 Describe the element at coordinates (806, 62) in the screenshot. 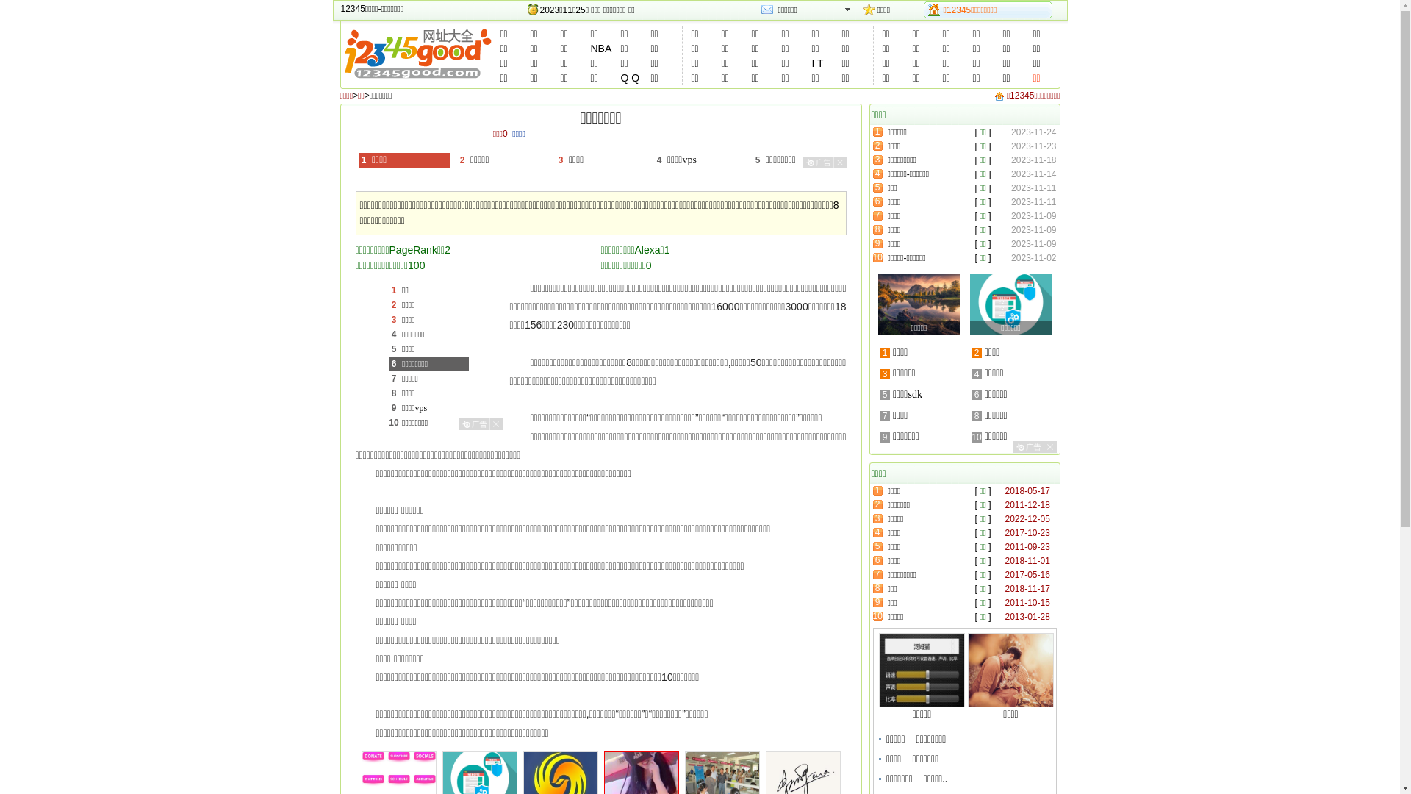

I see `'I T'` at that location.